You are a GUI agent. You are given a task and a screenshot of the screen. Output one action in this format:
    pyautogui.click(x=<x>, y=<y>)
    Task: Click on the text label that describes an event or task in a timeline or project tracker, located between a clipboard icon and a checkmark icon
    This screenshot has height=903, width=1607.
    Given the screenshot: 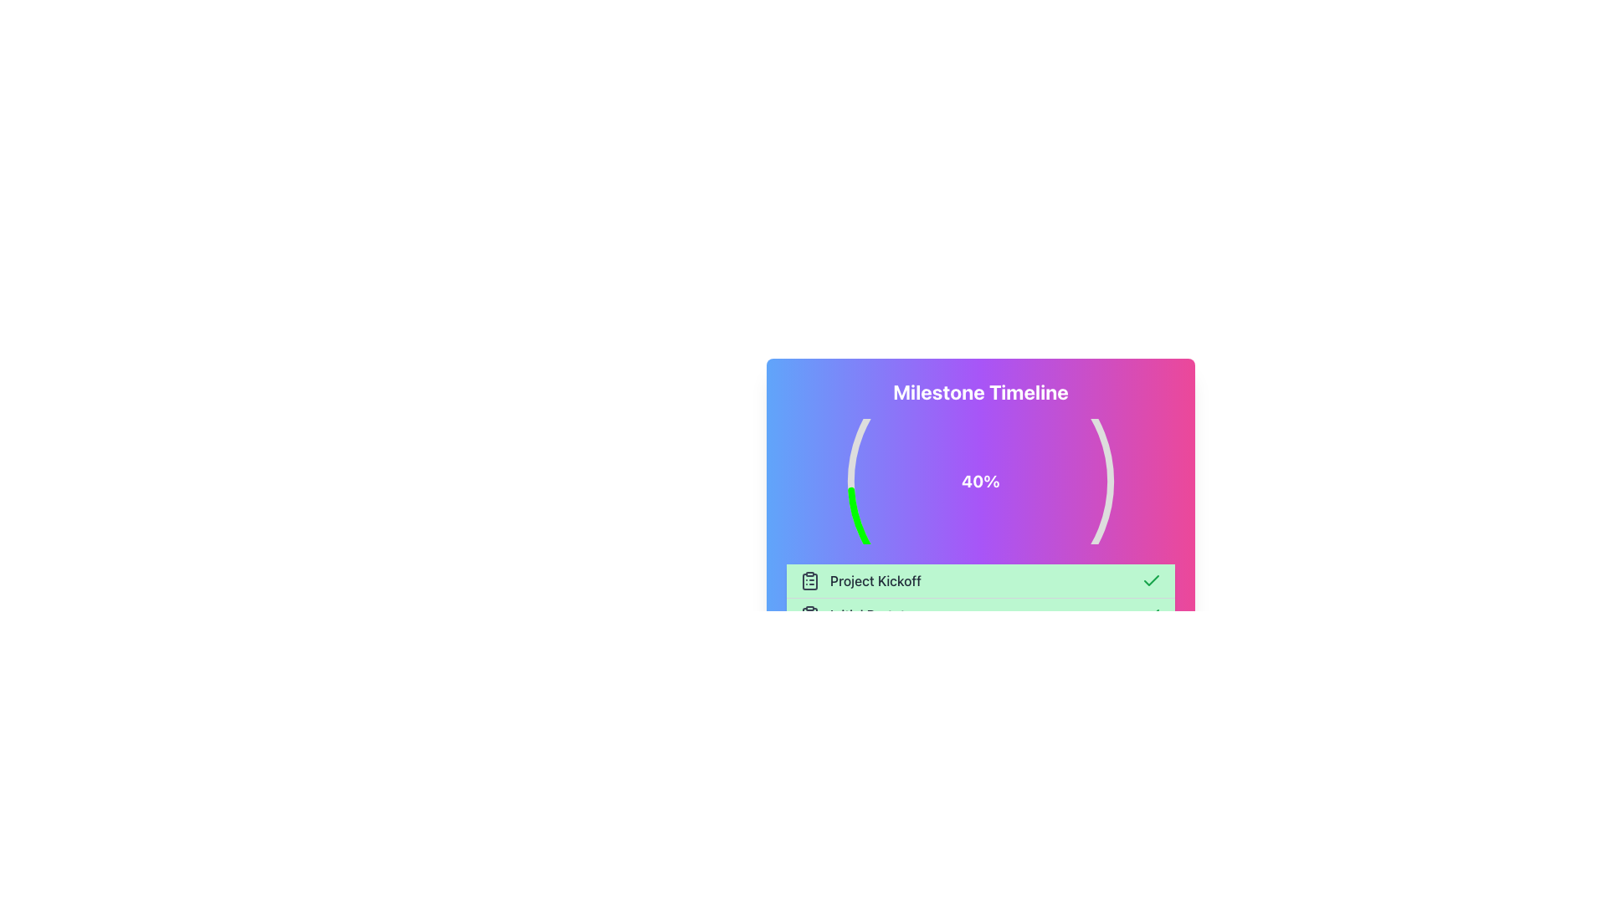 What is the action you would take?
    pyautogui.click(x=875, y=579)
    